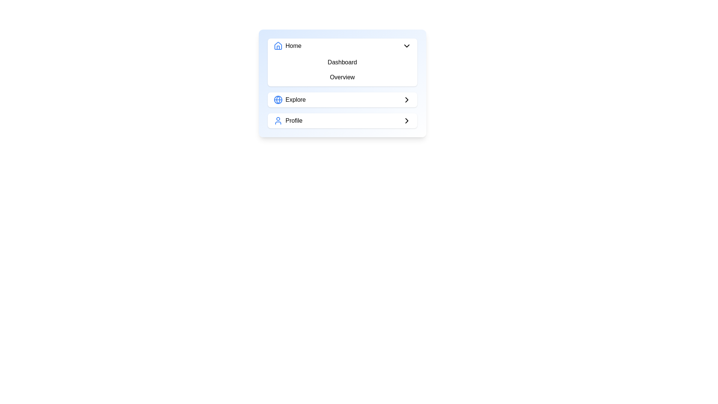 The height and width of the screenshot is (404, 718). What do you see at coordinates (287, 46) in the screenshot?
I see `the 'Home' text label with icon located at the top-left corner of the navigation menu` at bounding box center [287, 46].